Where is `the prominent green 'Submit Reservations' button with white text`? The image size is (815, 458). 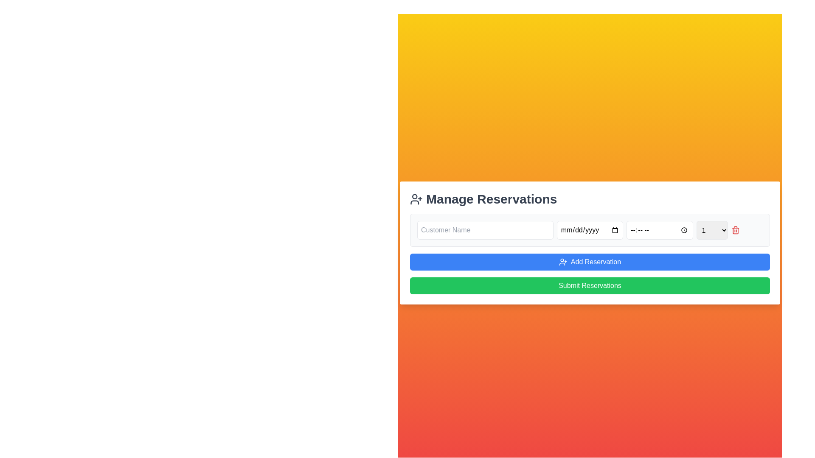 the prominent green 'Submit Reservations' button with white text is located at coordinates (590, 286).